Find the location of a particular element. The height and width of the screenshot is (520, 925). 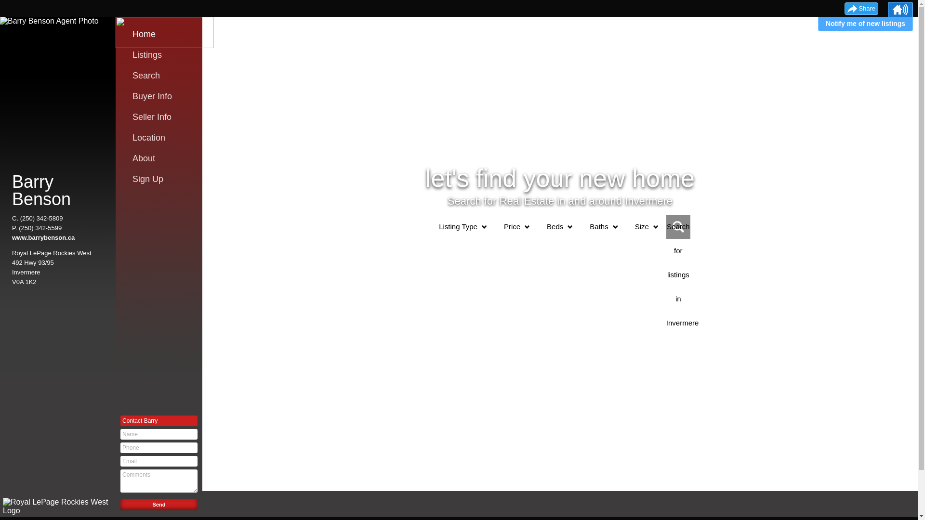

'Buyer Info' is located at coordinates (161, 96).